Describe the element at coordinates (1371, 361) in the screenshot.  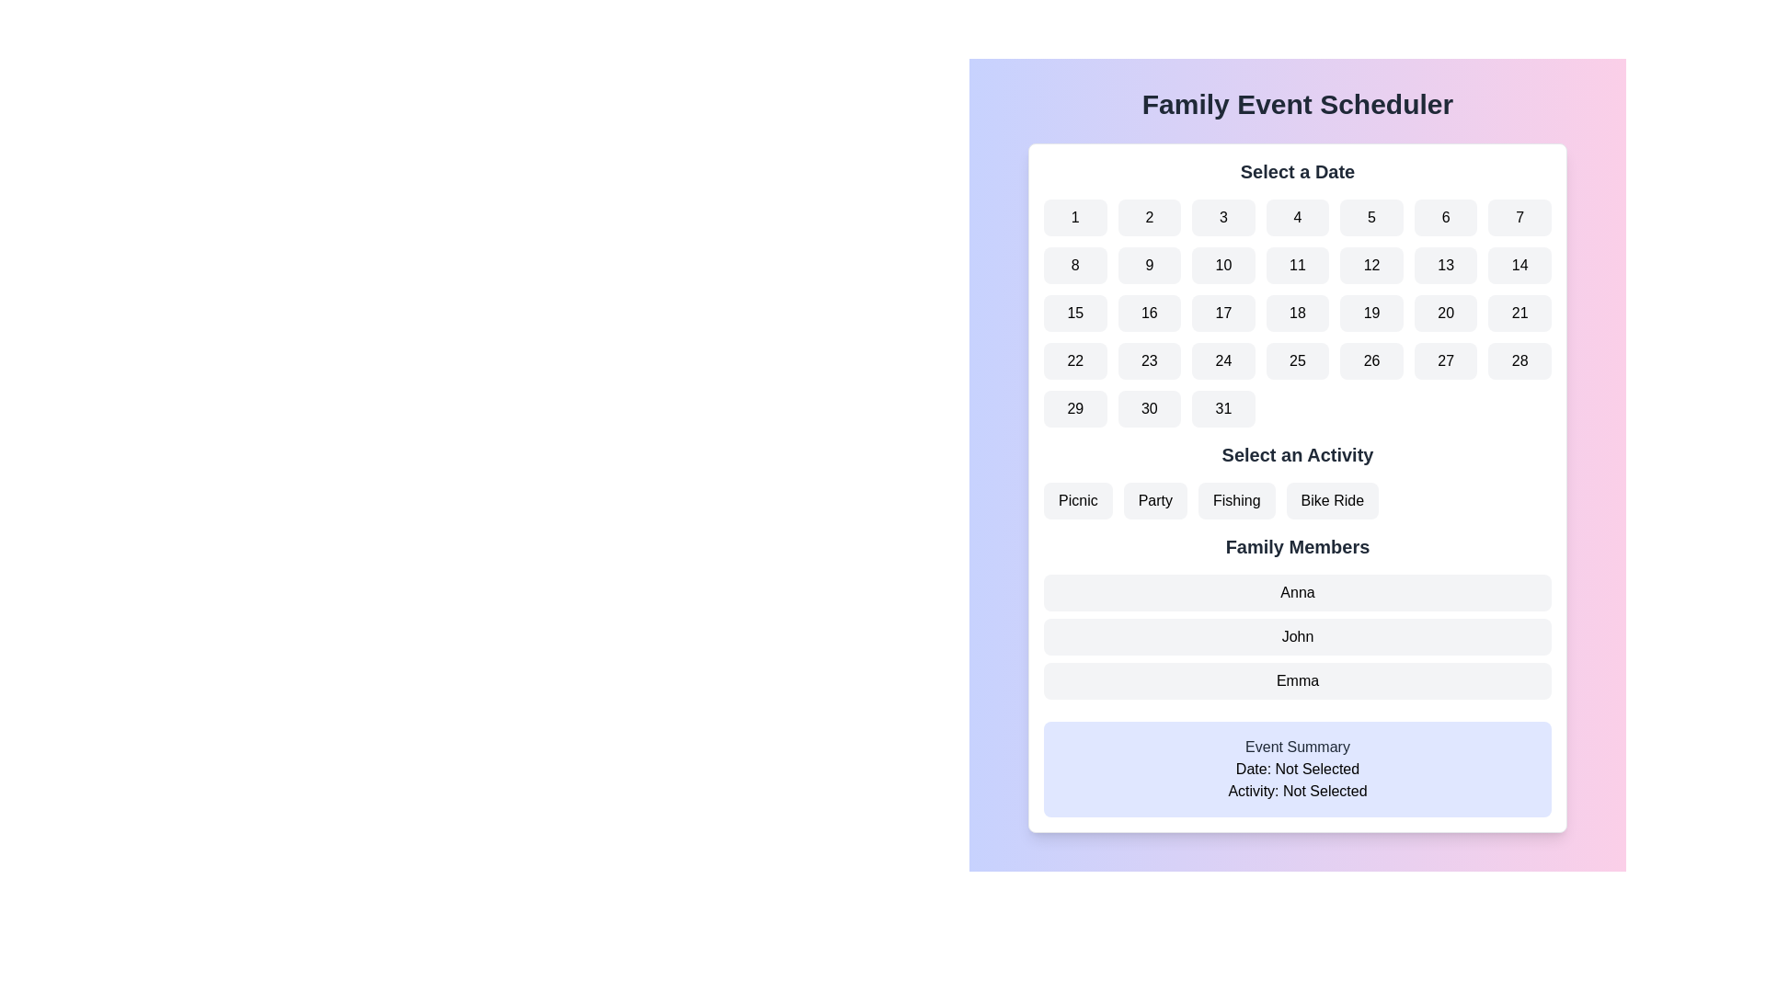
I see `the selectable date button marked '26' in the date picker calendar` at that location.